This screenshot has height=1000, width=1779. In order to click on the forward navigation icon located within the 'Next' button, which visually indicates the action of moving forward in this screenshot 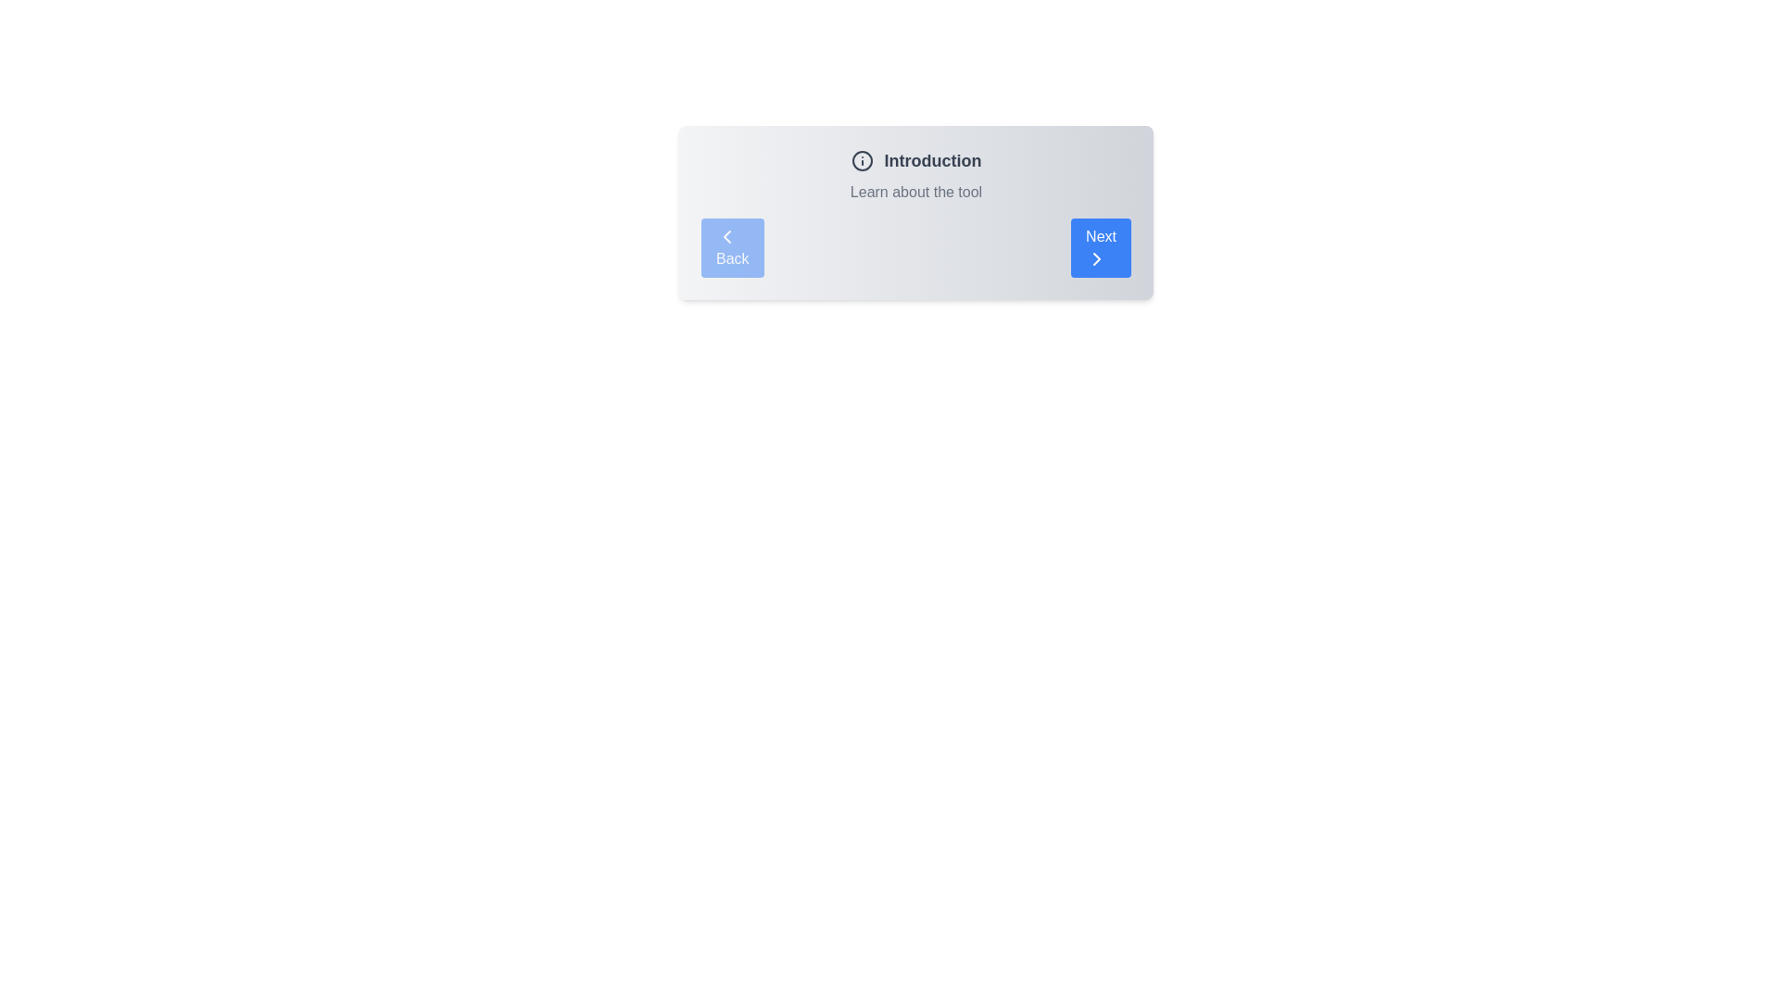, I will do `click(1097, 259)`.